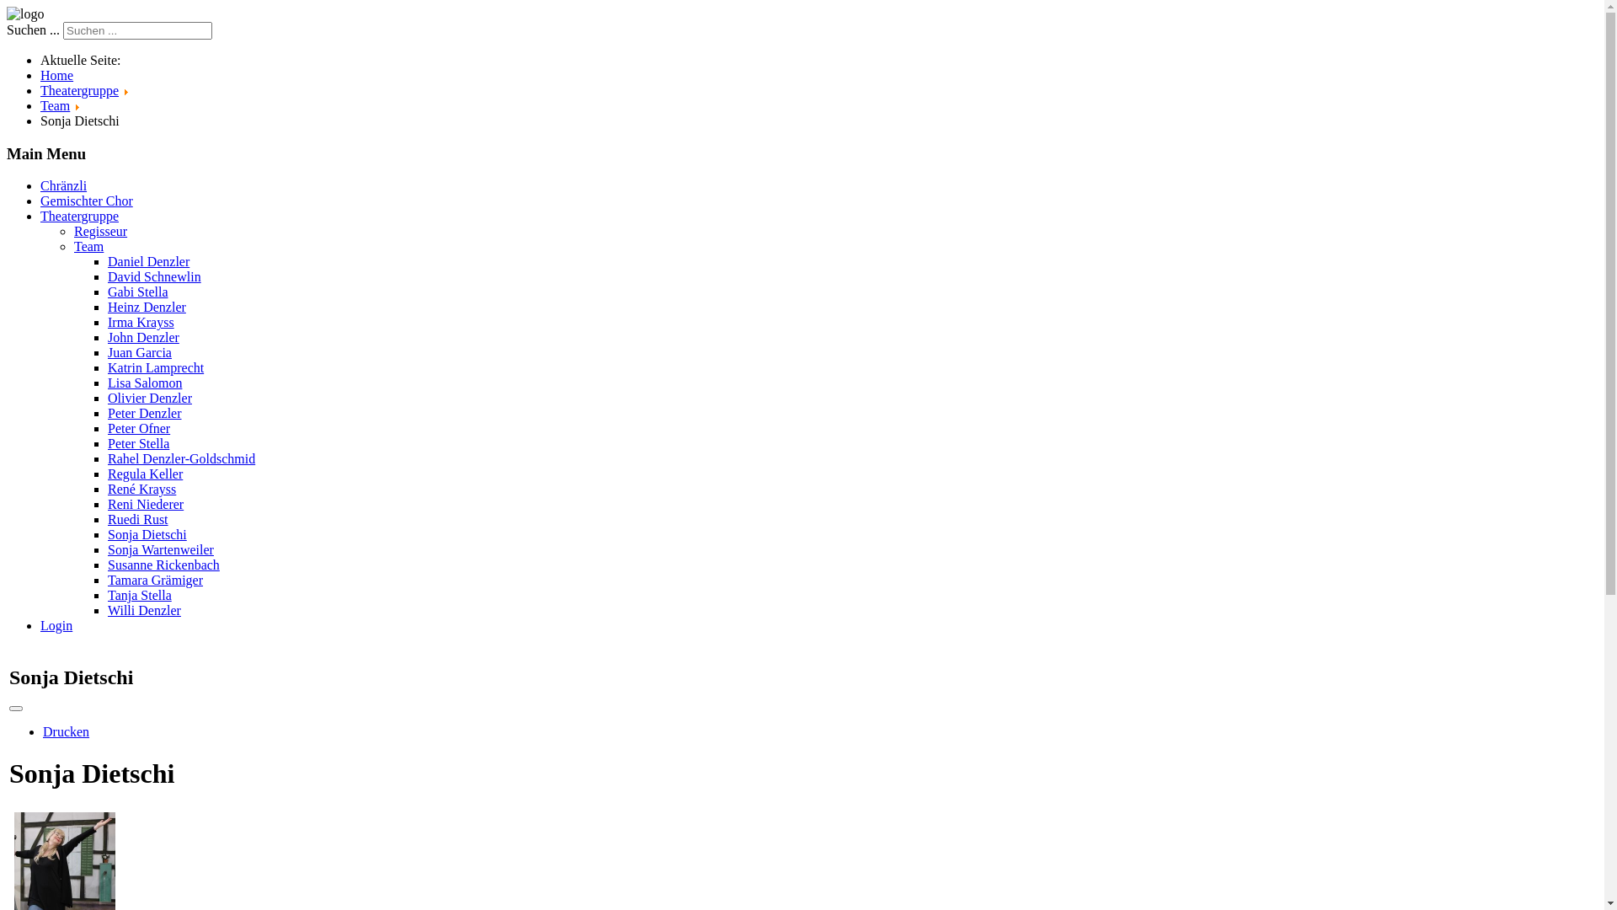 Image resolution: width=1617 pixels, height=910 pixels. Describe the element at coordinates (144, 610) in the screenshot. I see `'Willi Denzler'` at that location.